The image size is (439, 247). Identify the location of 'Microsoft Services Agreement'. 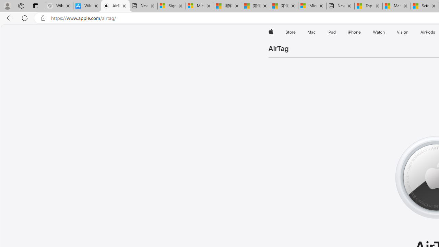
(199, 6).